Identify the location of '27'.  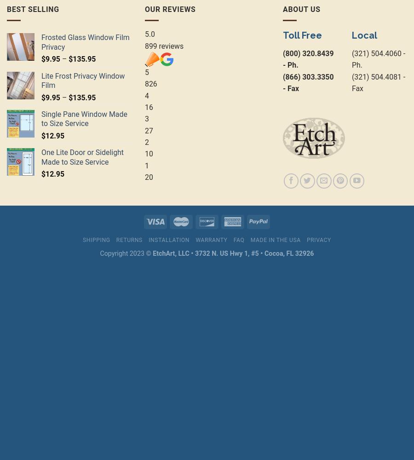
(148, 130).